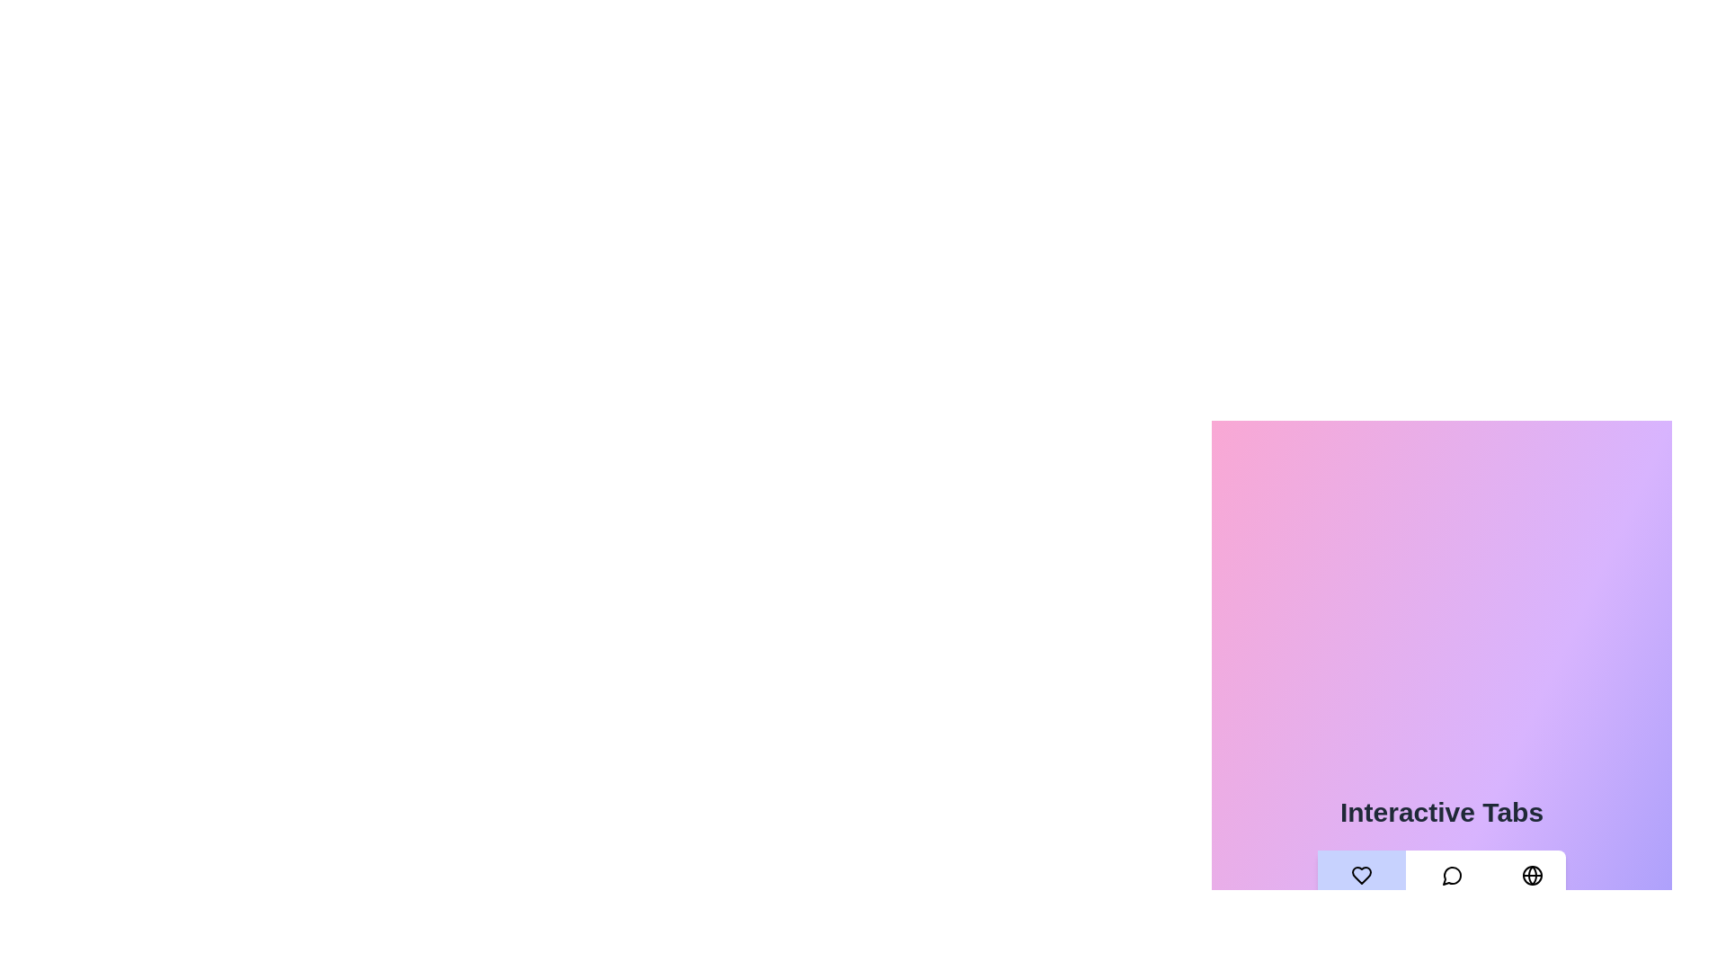 This screenshot has width=1726, height=971. What do you see at coordinates (1532, 890) in the screenshot?
I see `the World tab` at bounding box center [1532, 890].